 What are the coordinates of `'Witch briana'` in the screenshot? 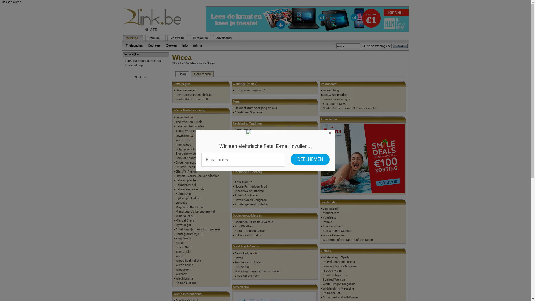 It's located at (184, 278).